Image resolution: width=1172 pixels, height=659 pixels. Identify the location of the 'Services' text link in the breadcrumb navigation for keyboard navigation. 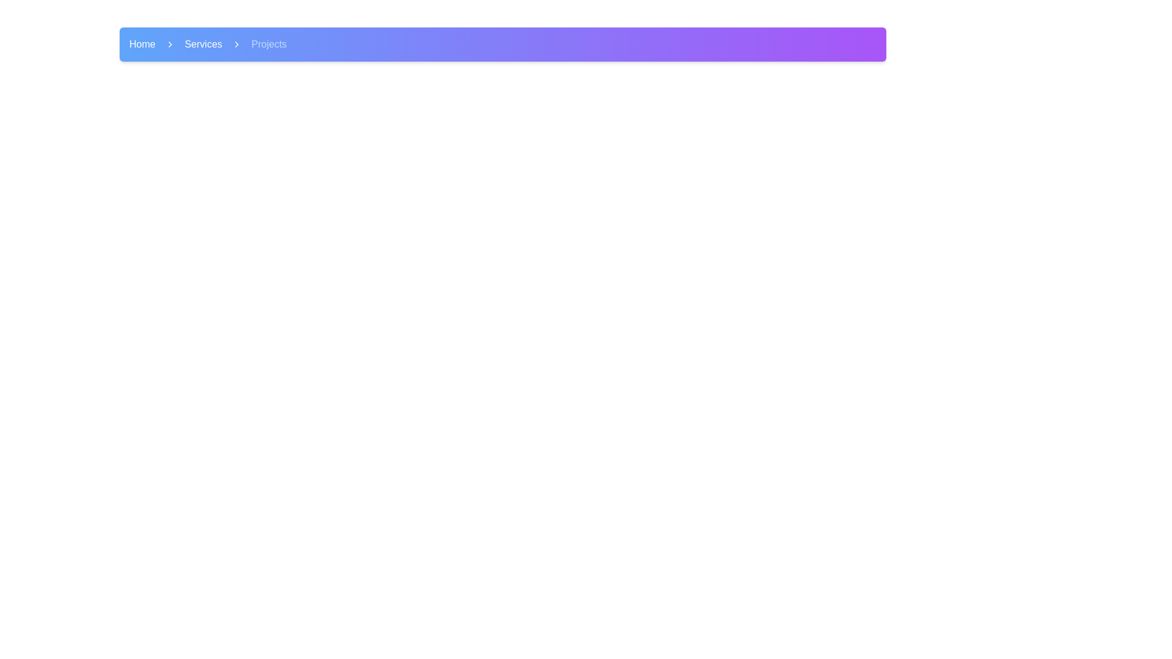
(203, 44).